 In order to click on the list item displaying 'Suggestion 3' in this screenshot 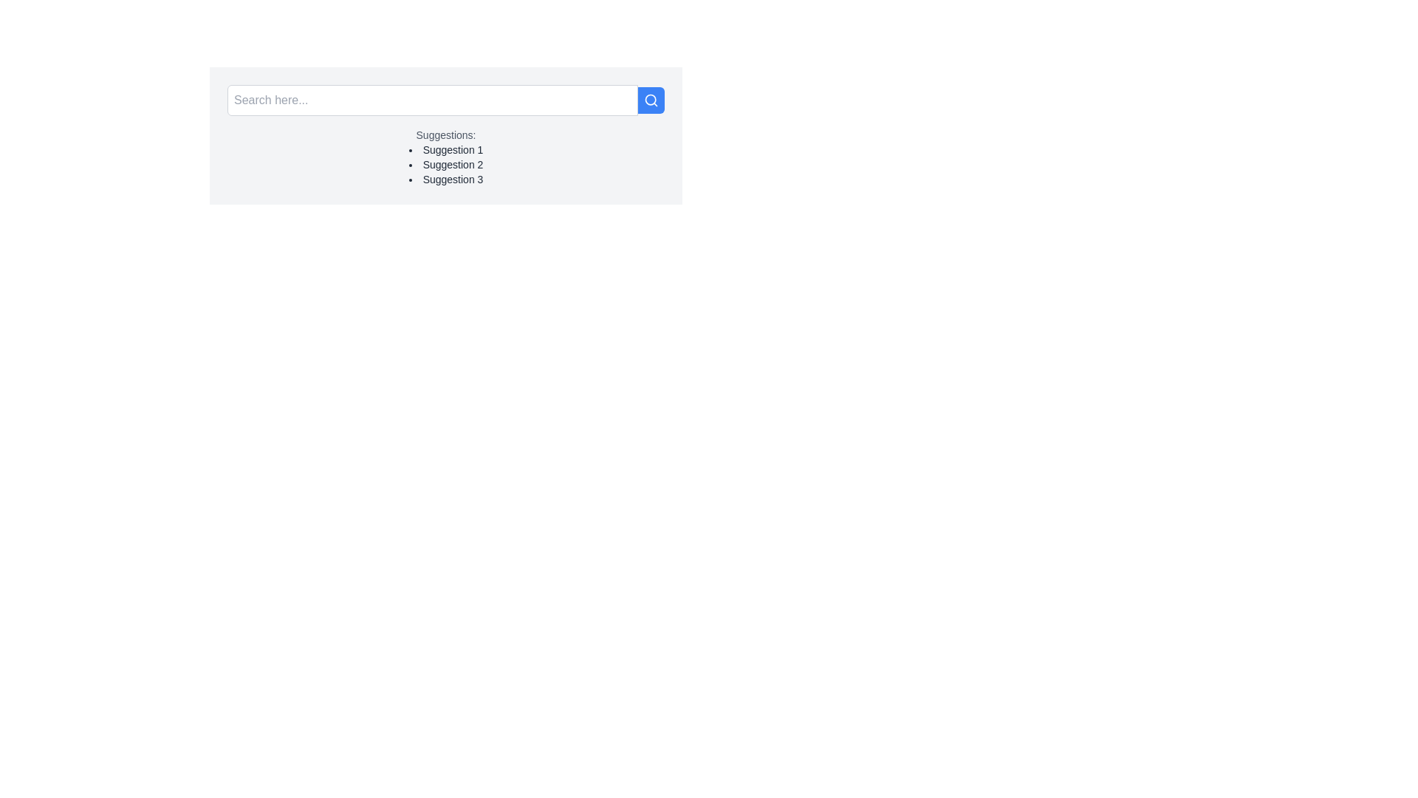, I will do `click(445, 179)`.